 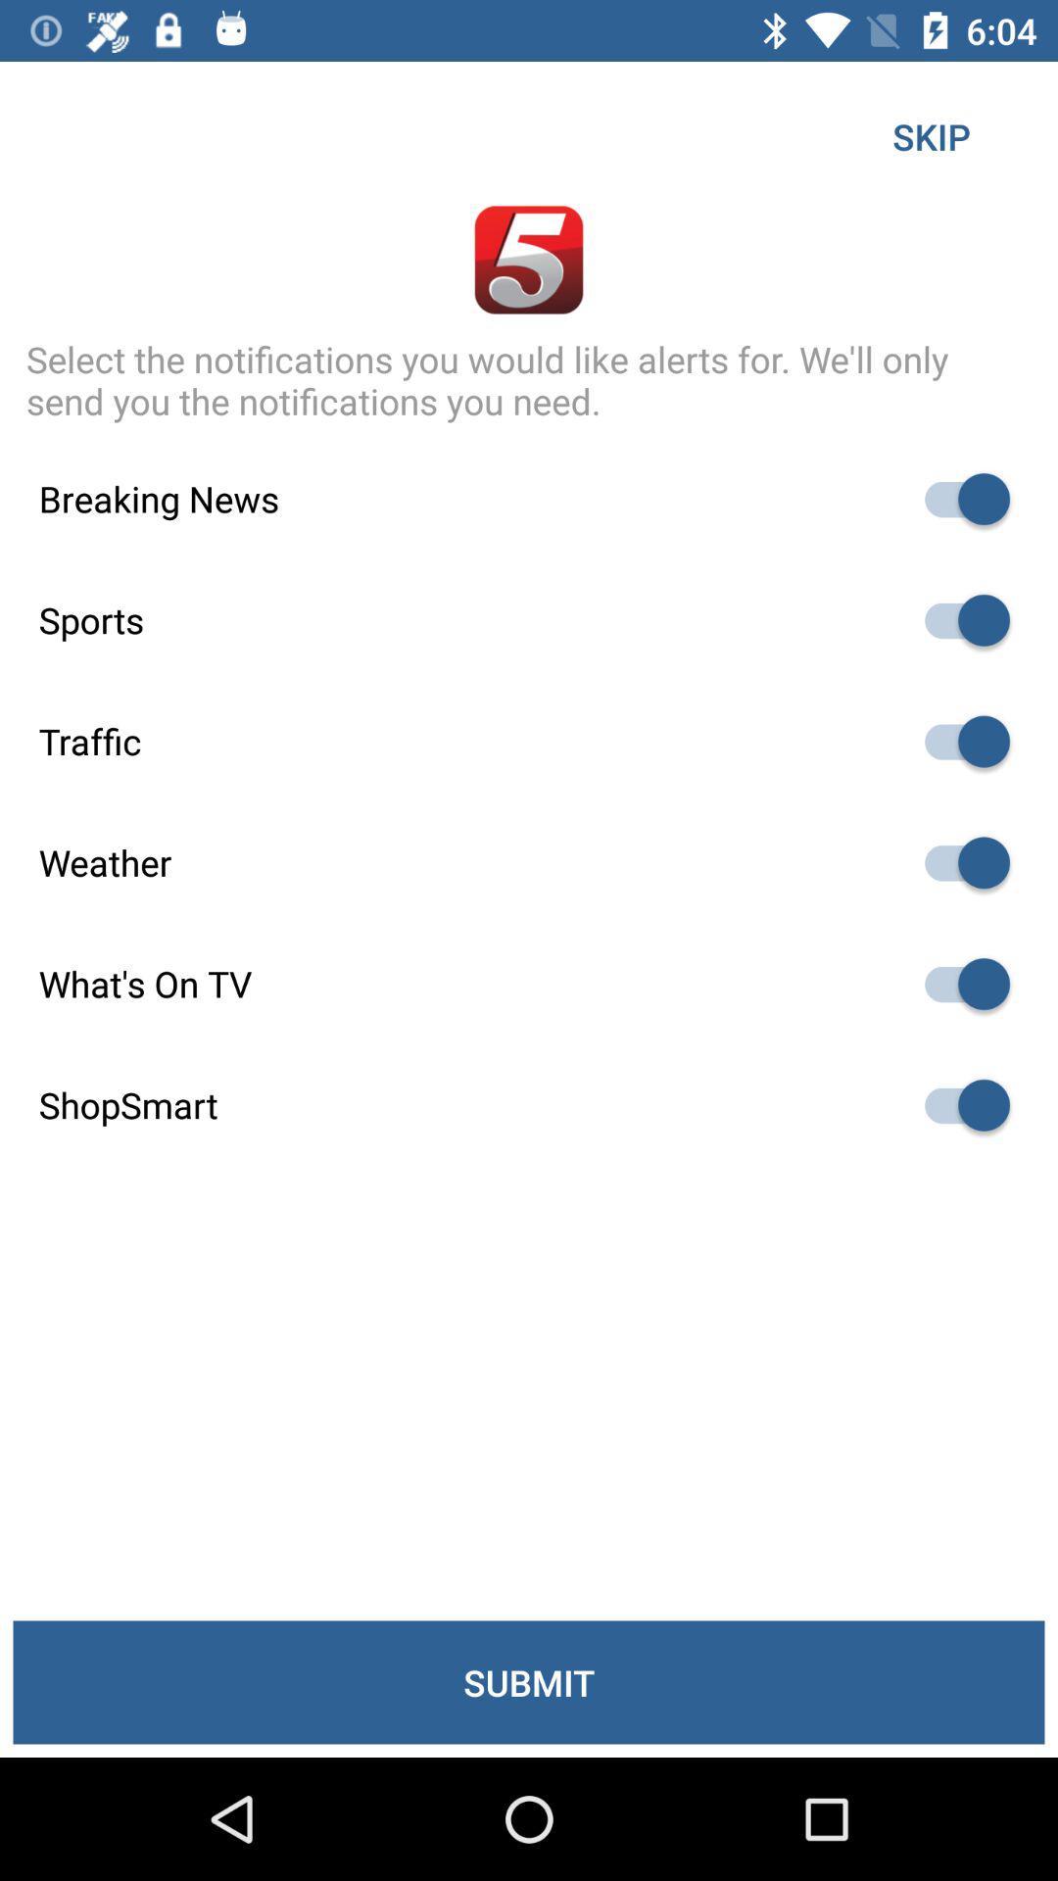 What do you see at coordinates (957, 619) in the screenshot?
I see `remove sports notifications` at bounding box center [957, 619].